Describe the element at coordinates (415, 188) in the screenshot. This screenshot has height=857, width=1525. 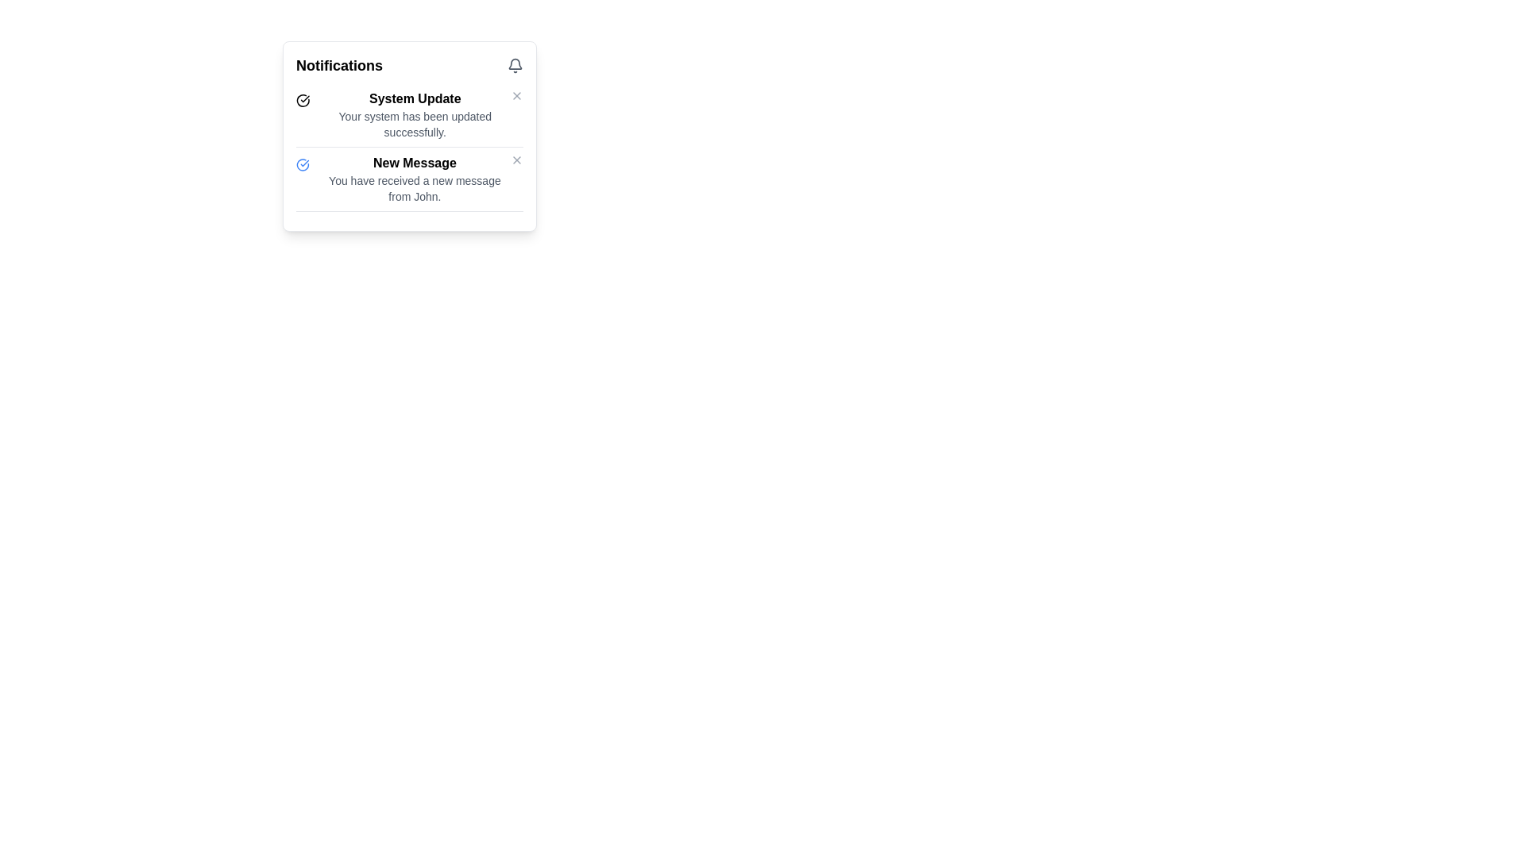
I see `the text element that reads 'You have received a new message from John.' located in the notification card under the header 'New Message'` at that location.